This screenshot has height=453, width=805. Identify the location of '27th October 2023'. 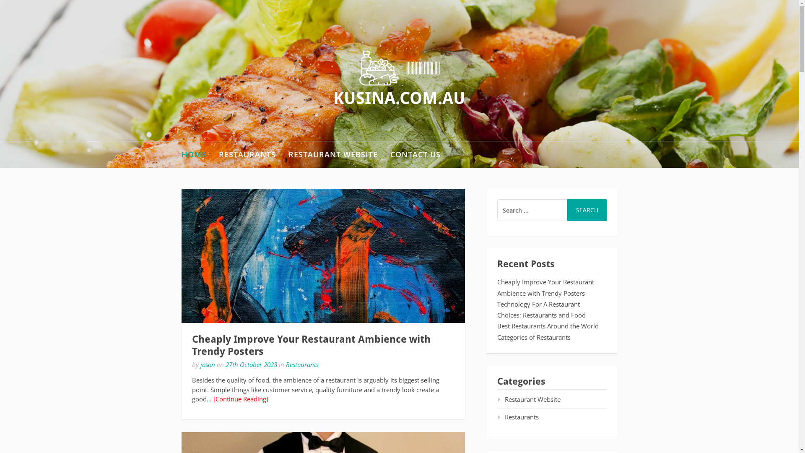
(225, 364).